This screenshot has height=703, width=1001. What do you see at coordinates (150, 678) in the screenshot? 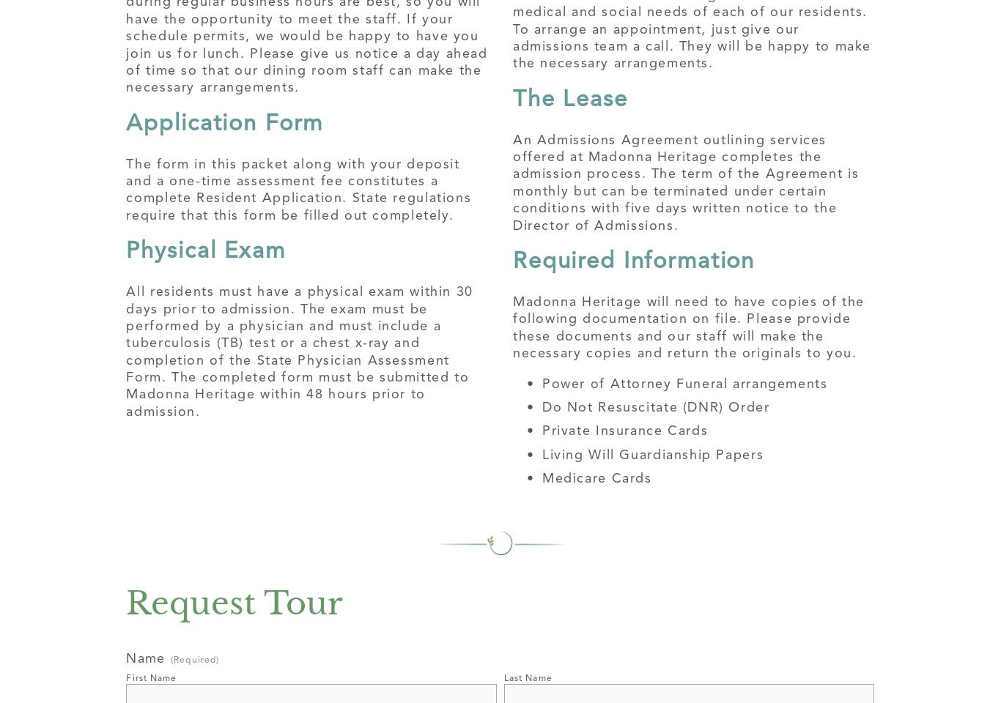
I see `'First Name'` at bounding box center [150, 678].